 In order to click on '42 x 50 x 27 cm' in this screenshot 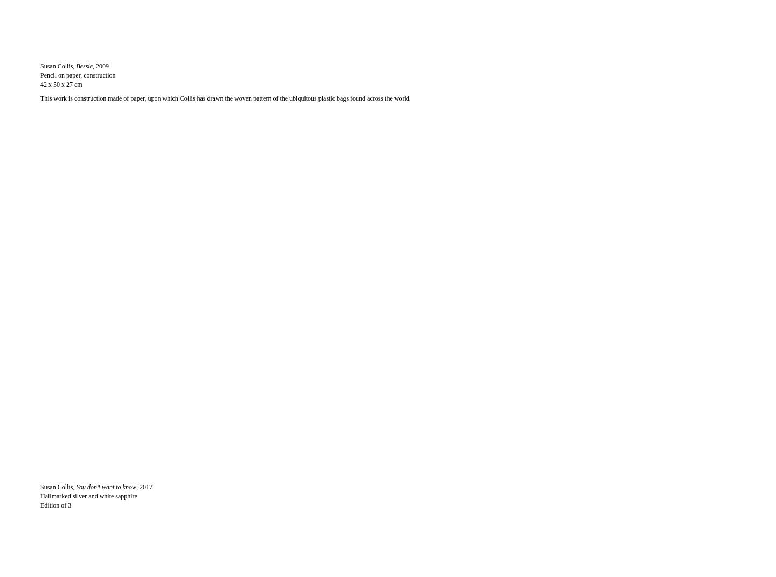, I will do `click(61, 84)`.